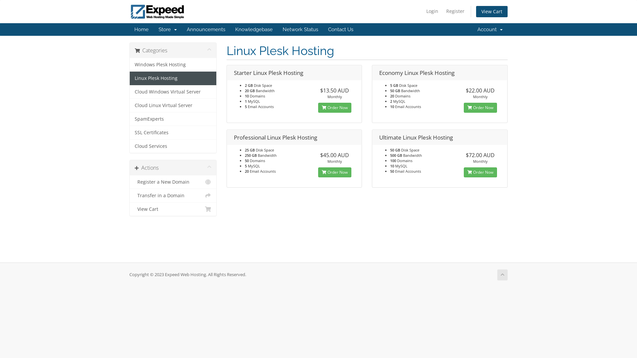  I want to click on '  Transfer in a Domain', so click(173, 195).